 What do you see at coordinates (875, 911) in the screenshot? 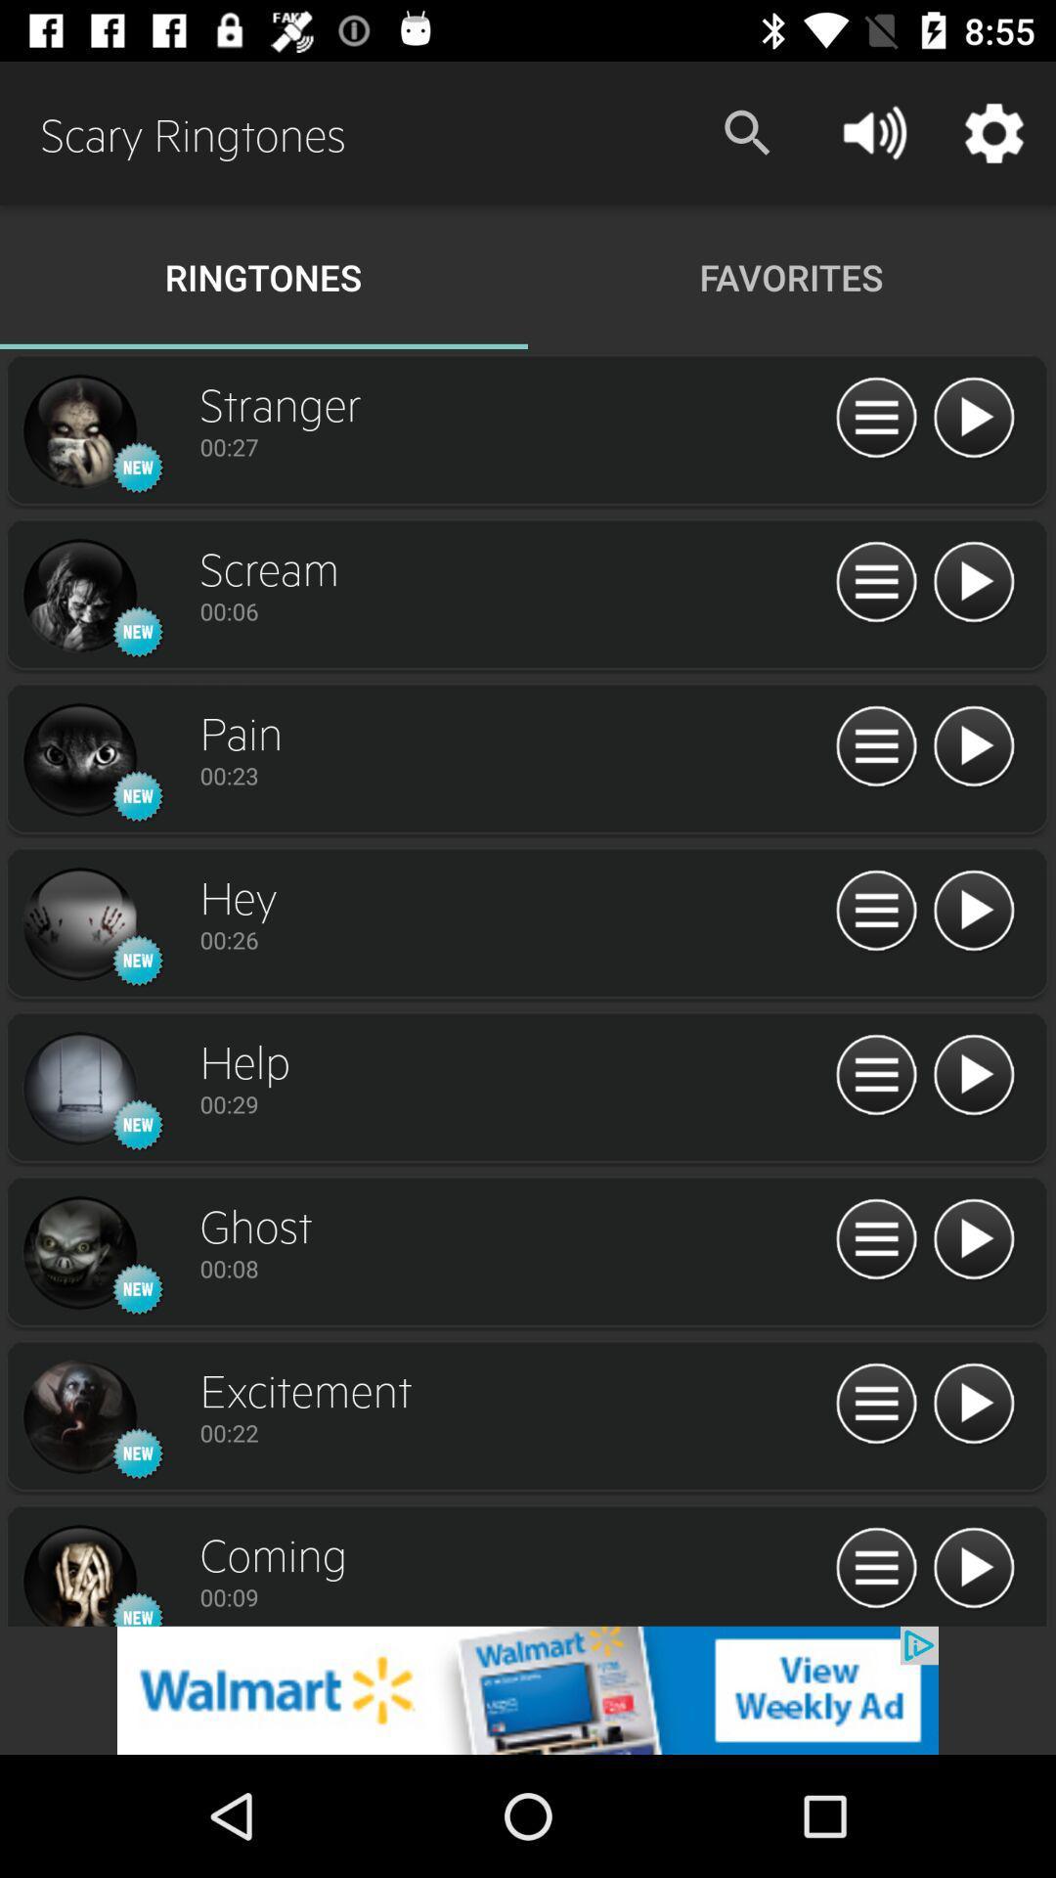
I see `menu` at bounding box center [875, 911].